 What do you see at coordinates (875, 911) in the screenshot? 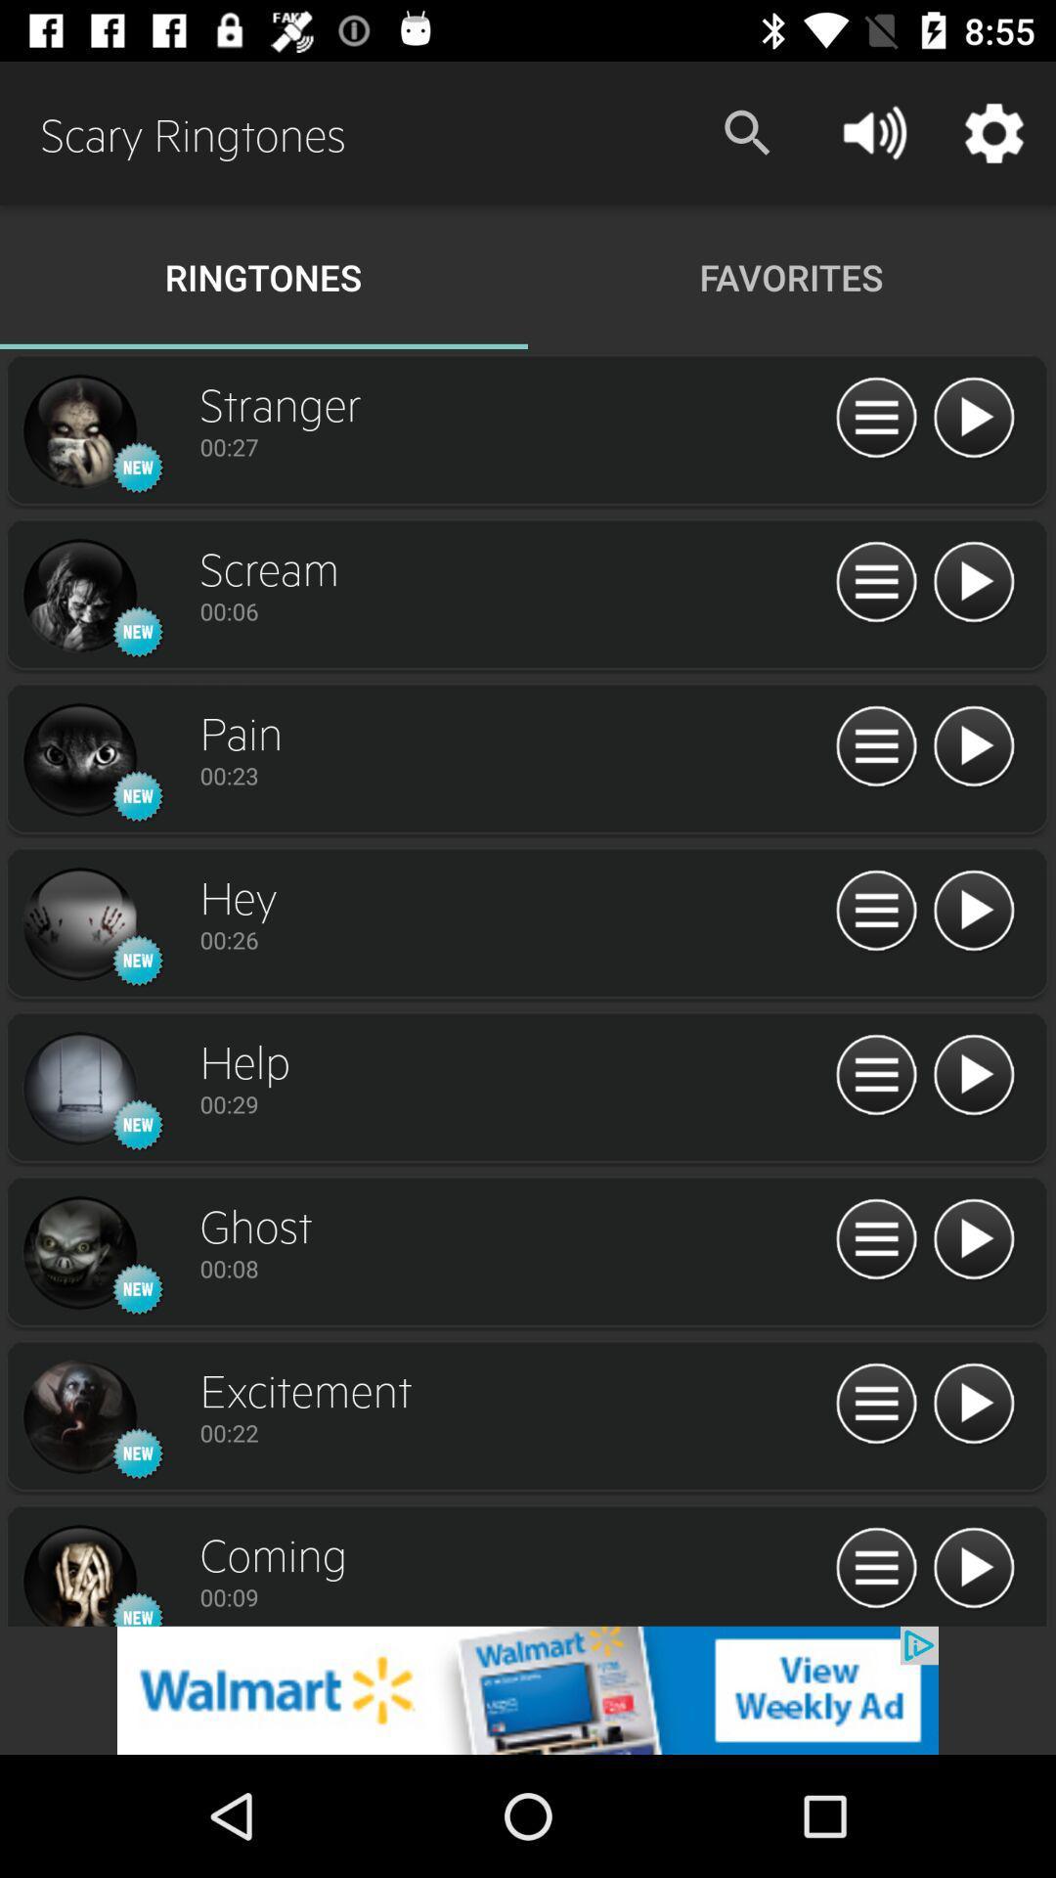
I see `menu` at bounding box center [875, 911].